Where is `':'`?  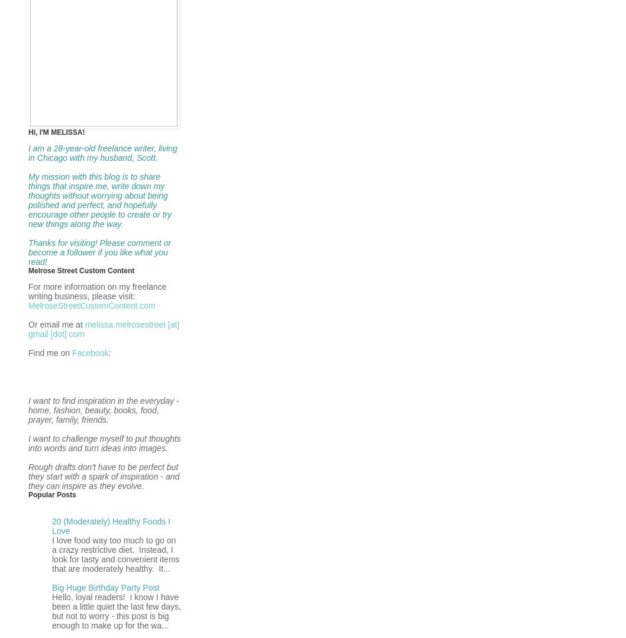
':' is located at coordinates (108, 352).